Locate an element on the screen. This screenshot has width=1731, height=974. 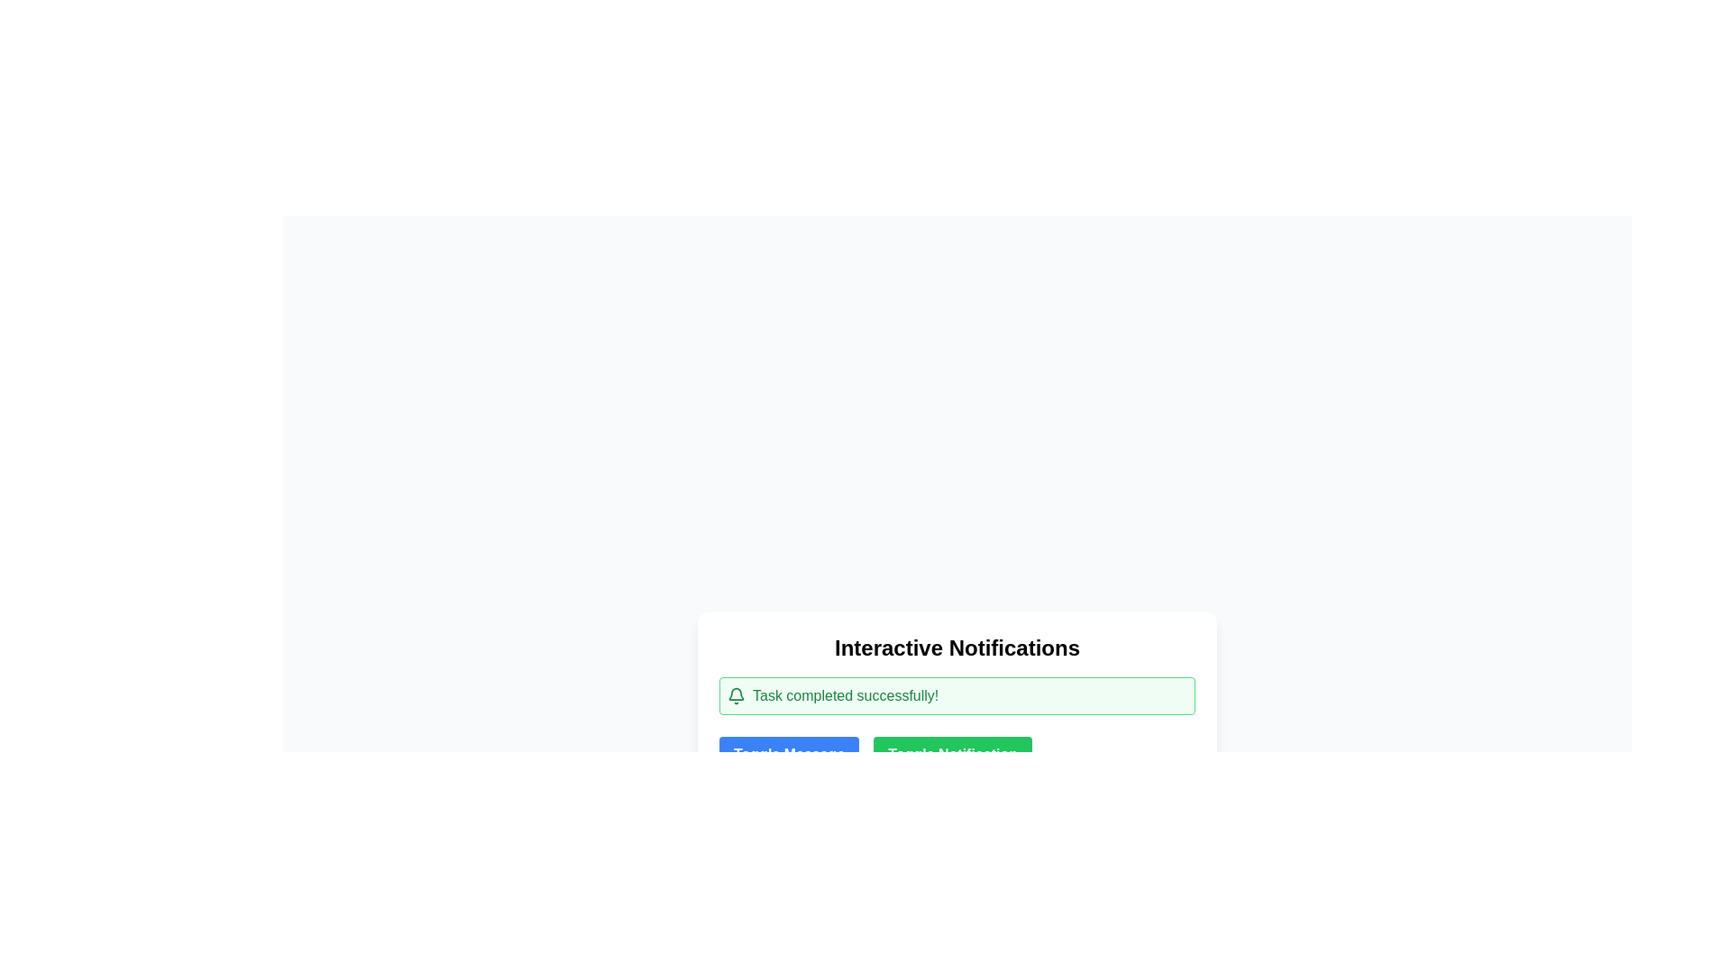
the toggle button for notifications, which is the second button to the right of the 'Toggle Message' button is located at coordinates (952, 755).